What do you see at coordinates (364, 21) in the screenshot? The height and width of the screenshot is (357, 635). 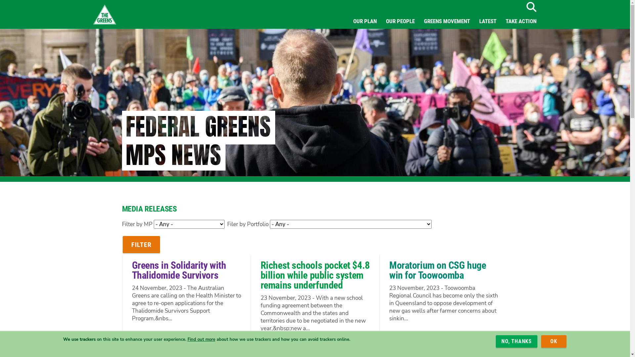 I see `'OUR PLAN'` at bounding box center [364, 21].